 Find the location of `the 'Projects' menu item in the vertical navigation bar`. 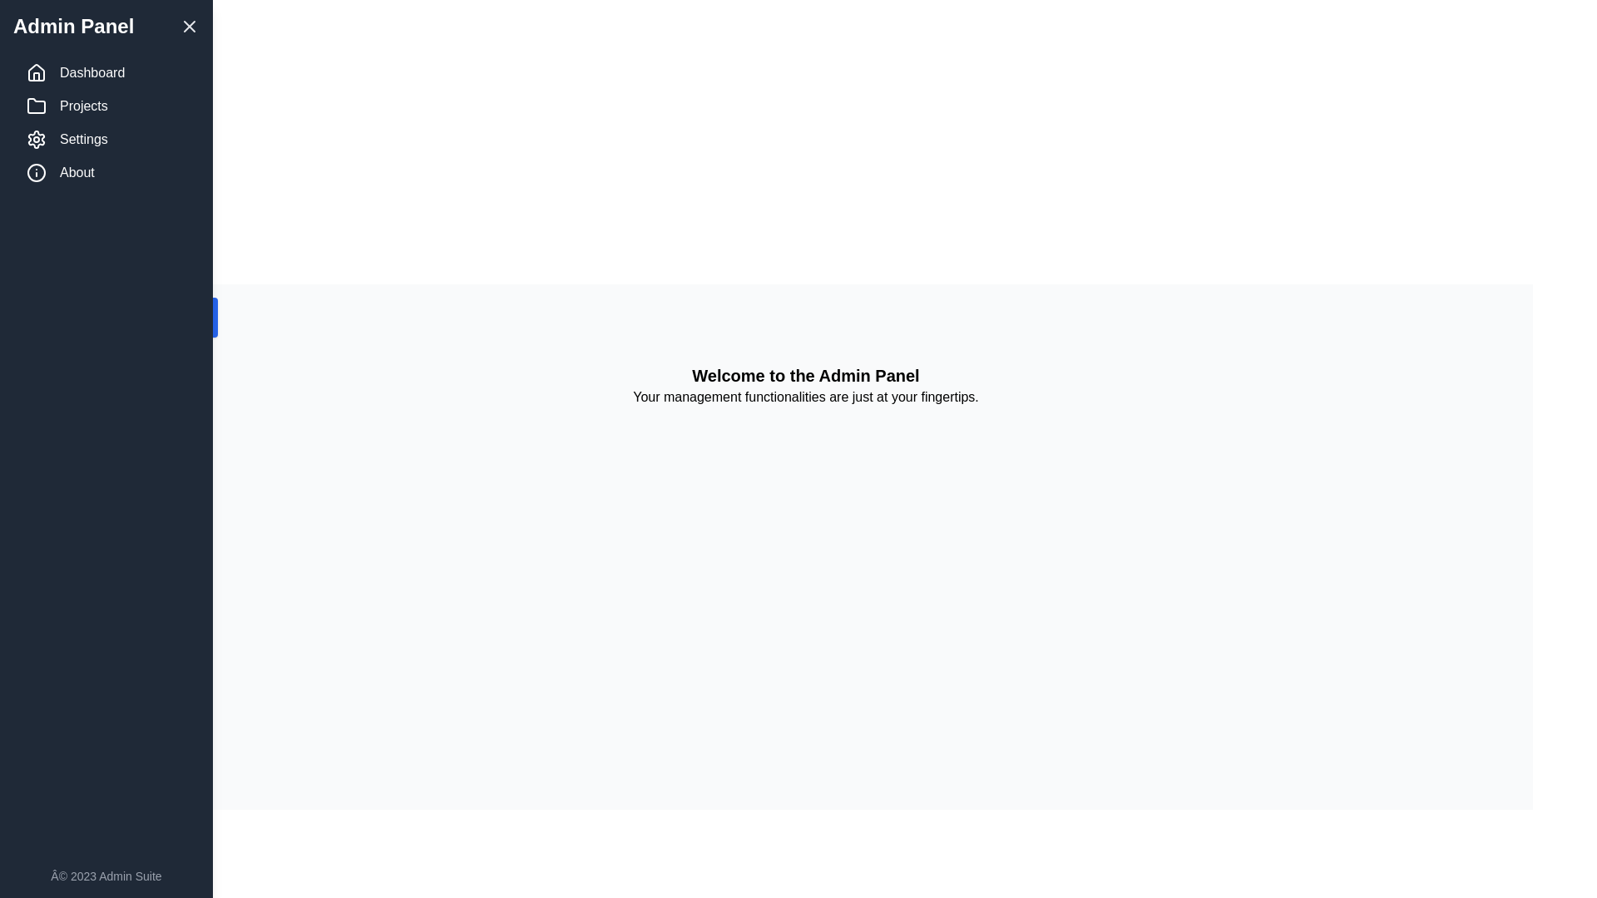

the 'Projects' menu item in the vertical navigation bar is located at coordinates (106, 106).